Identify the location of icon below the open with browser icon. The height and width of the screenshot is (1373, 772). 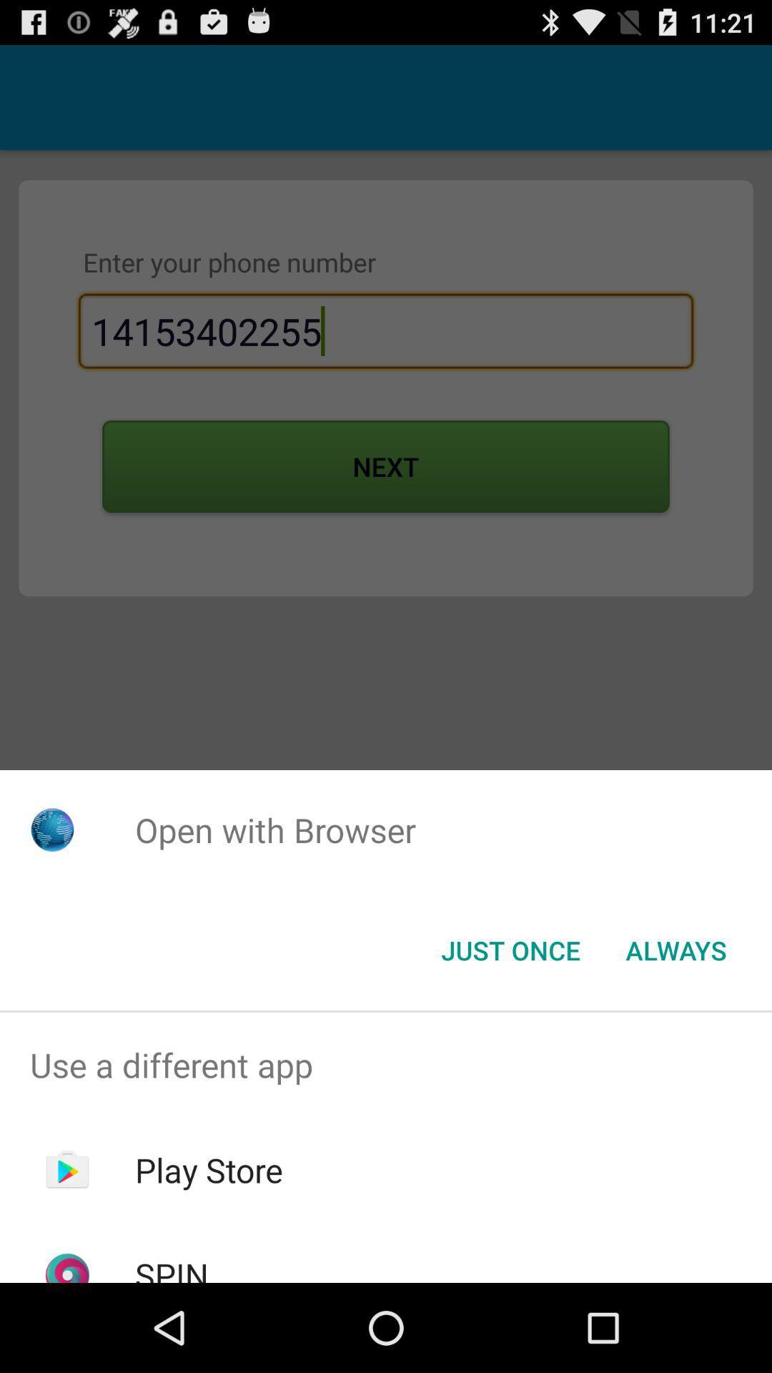
(510, 950).